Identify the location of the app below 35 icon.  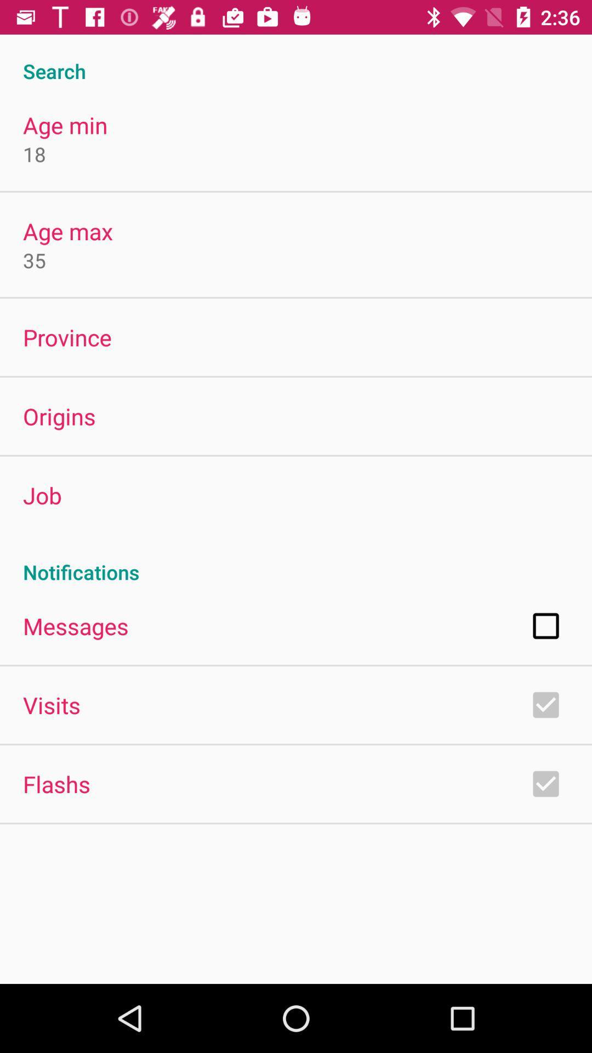
(67, 336).